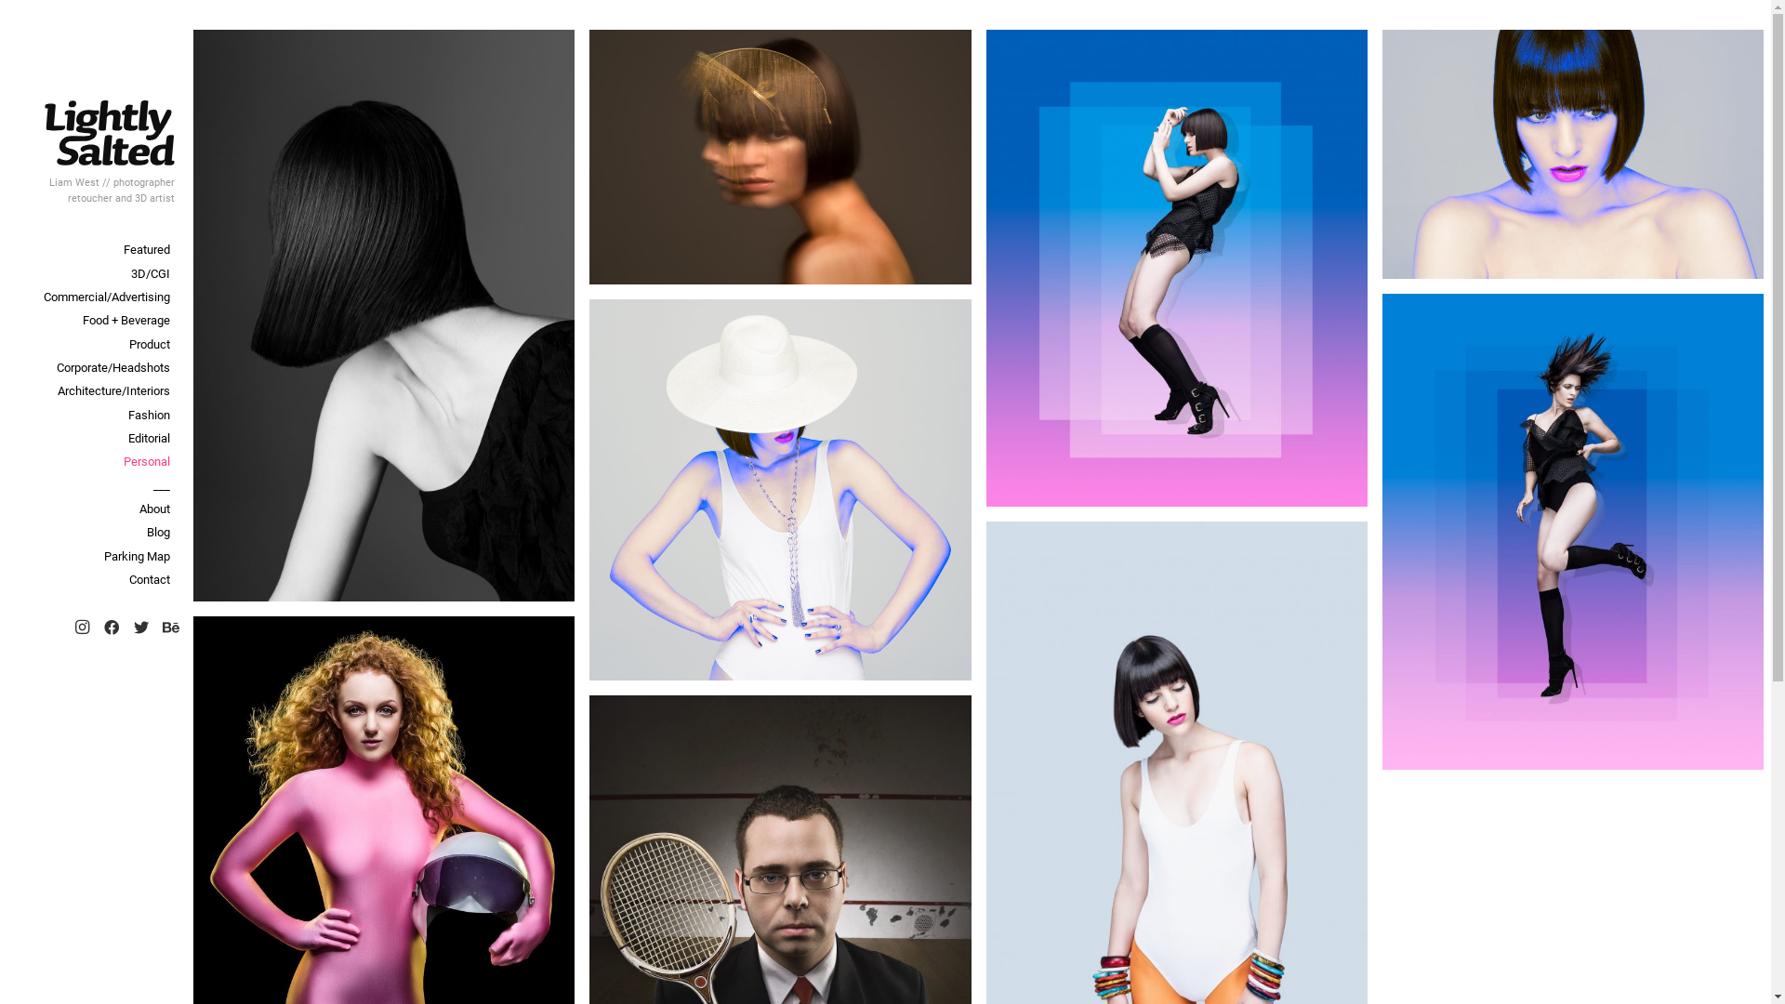  Describe the element at coordinates (125, 627) in the screenshot. I see `'Twitter'` at that location.